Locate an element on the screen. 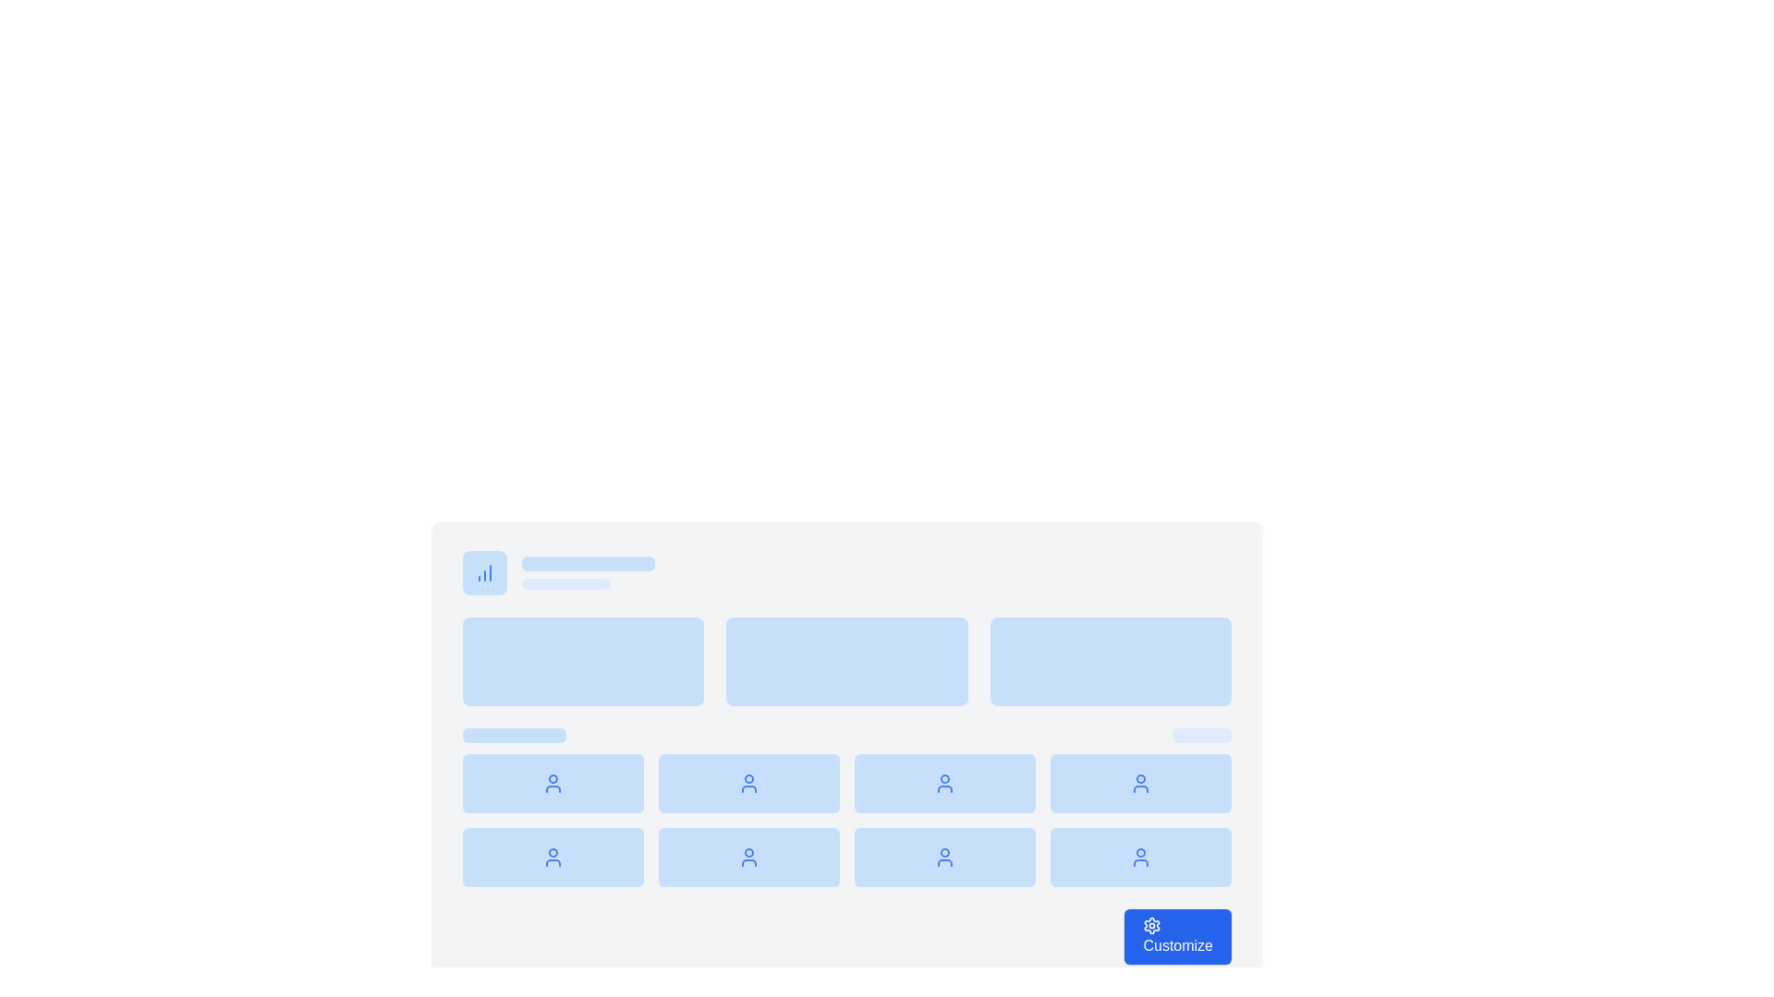 Image resolution: width=1774 pixels, height=997 pixels. the animation of the placeholder tile component located in the second row and second column of the grid layout, which visually represents user data is located at coordinates (749, 783).